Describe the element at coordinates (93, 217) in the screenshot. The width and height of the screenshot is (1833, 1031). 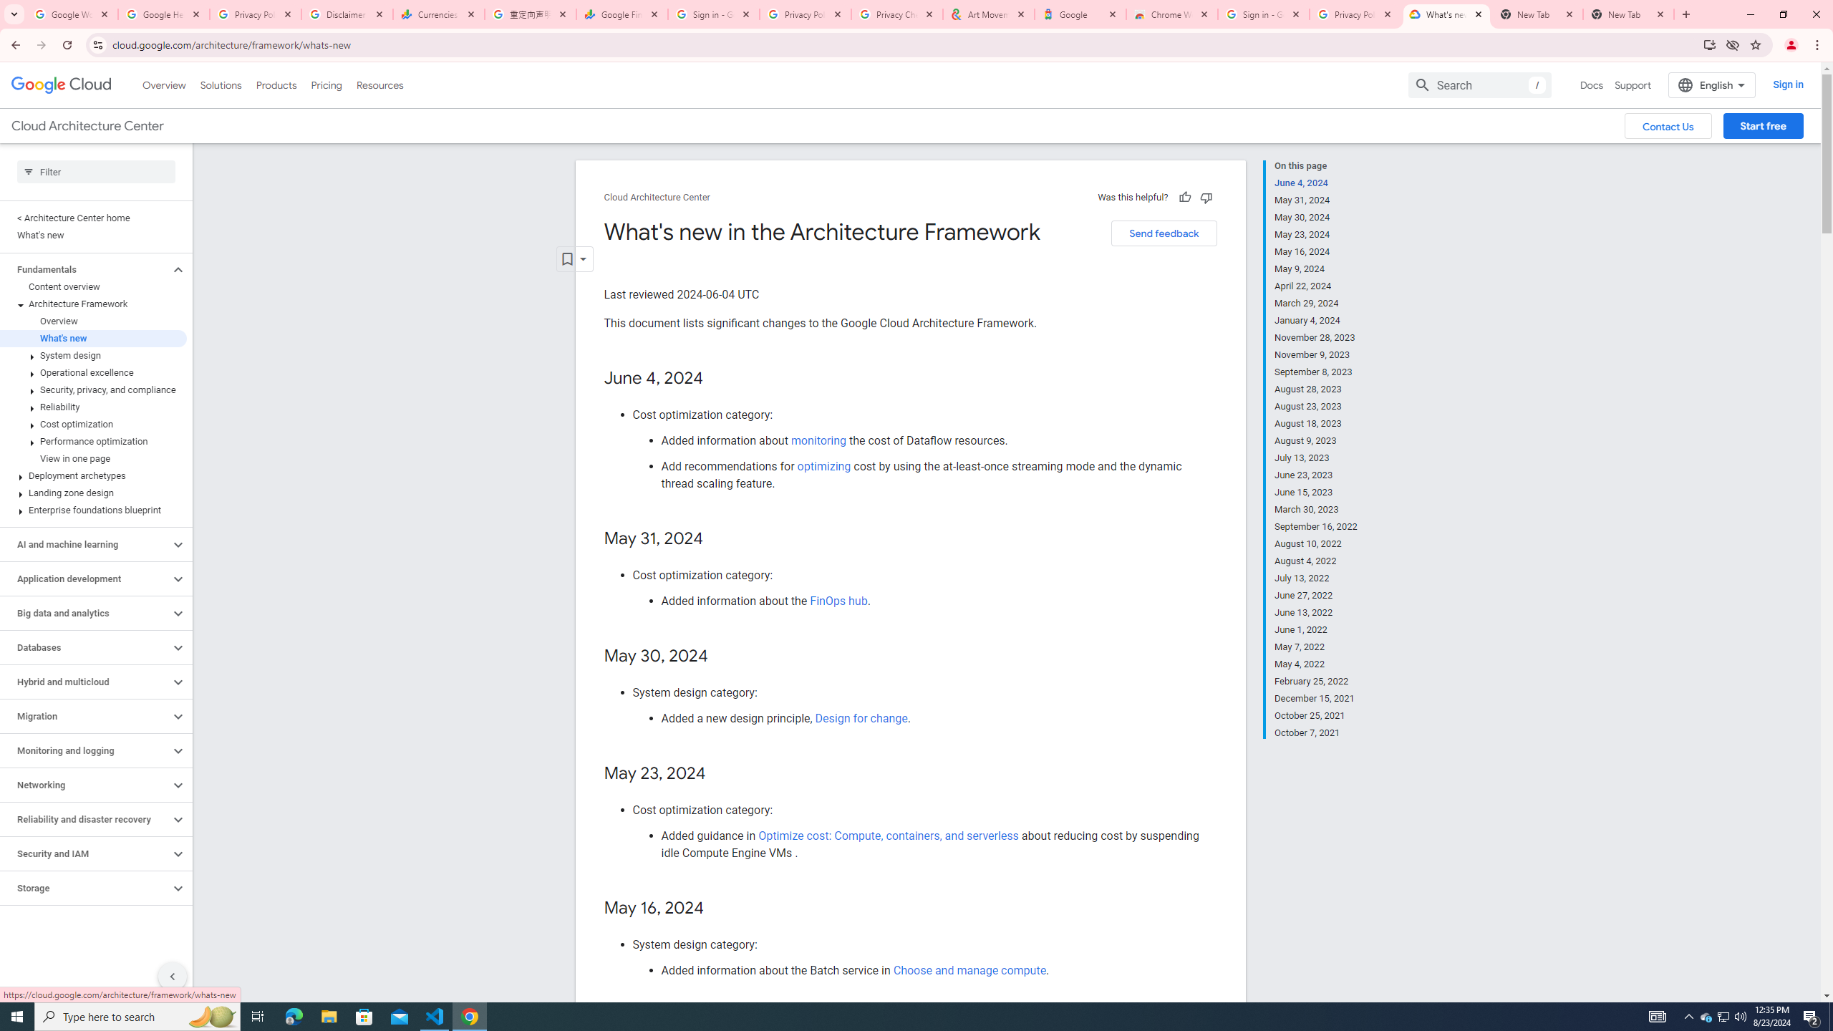
I see `'< Architecture Center home'` at that location.